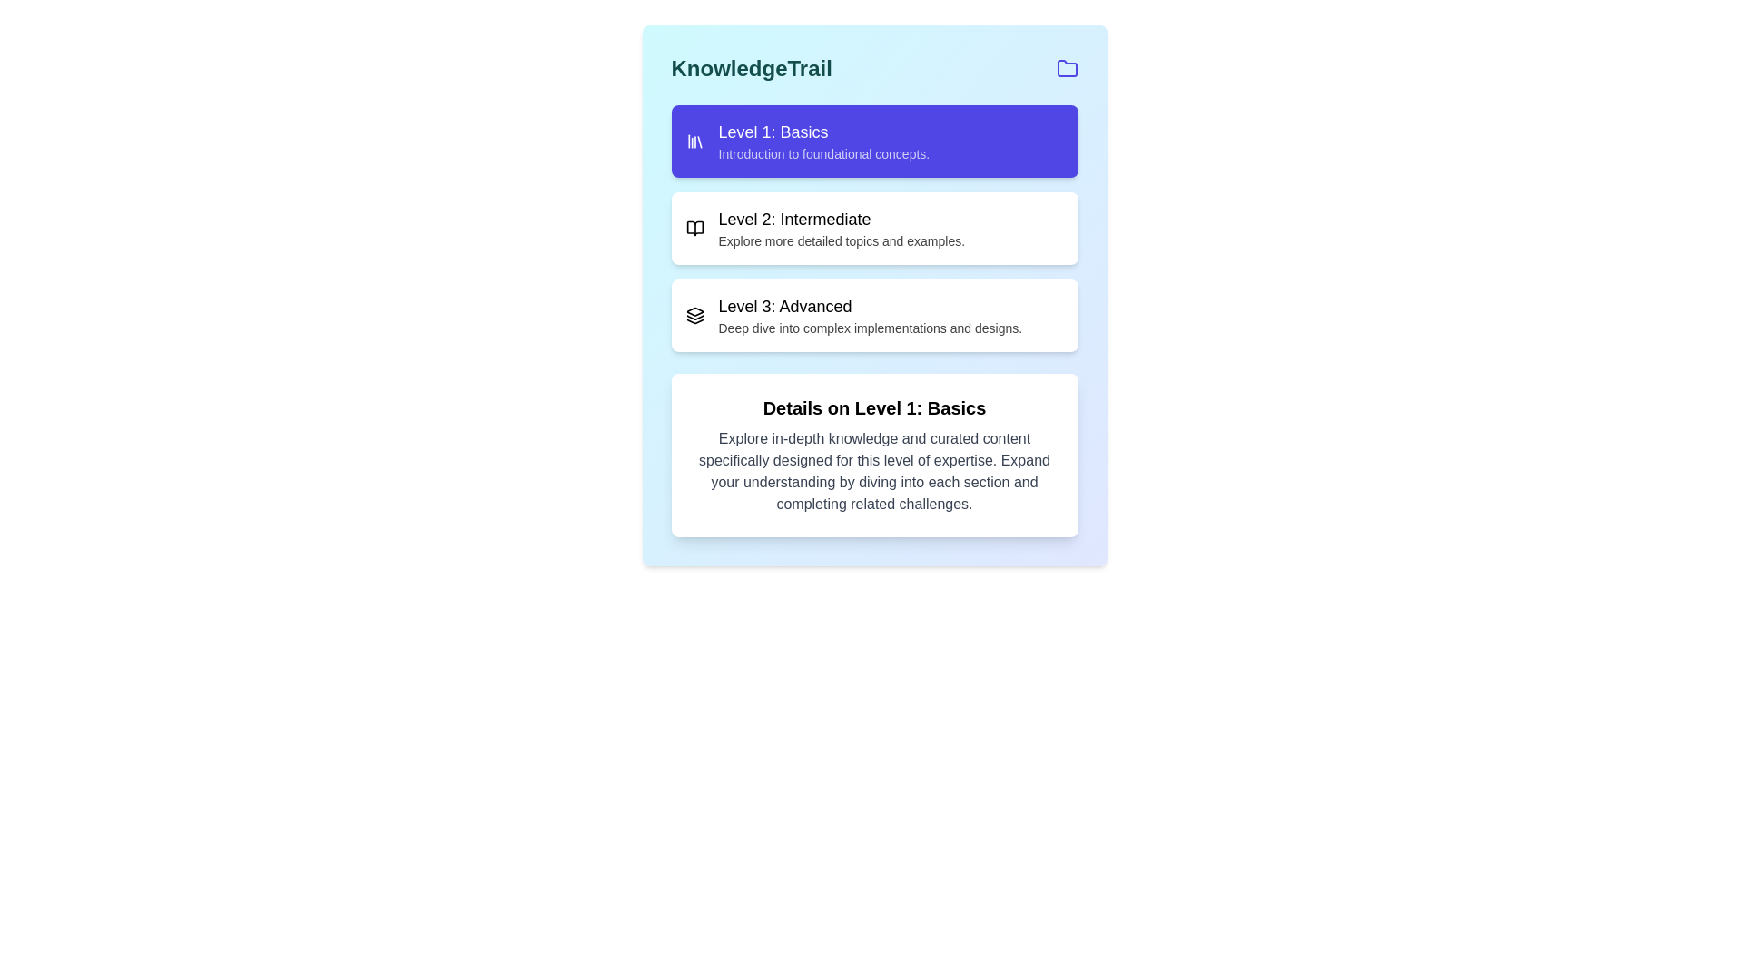 Image resolution: width=1743 pixels, height=980 pixels. What do you see at coordinates (694, 227) in the screenshot?
I see `the icon that visually indicates the 'Level 2: Intermediate' section, which aids in recognition and navigation` at bounding box center [694, 227].